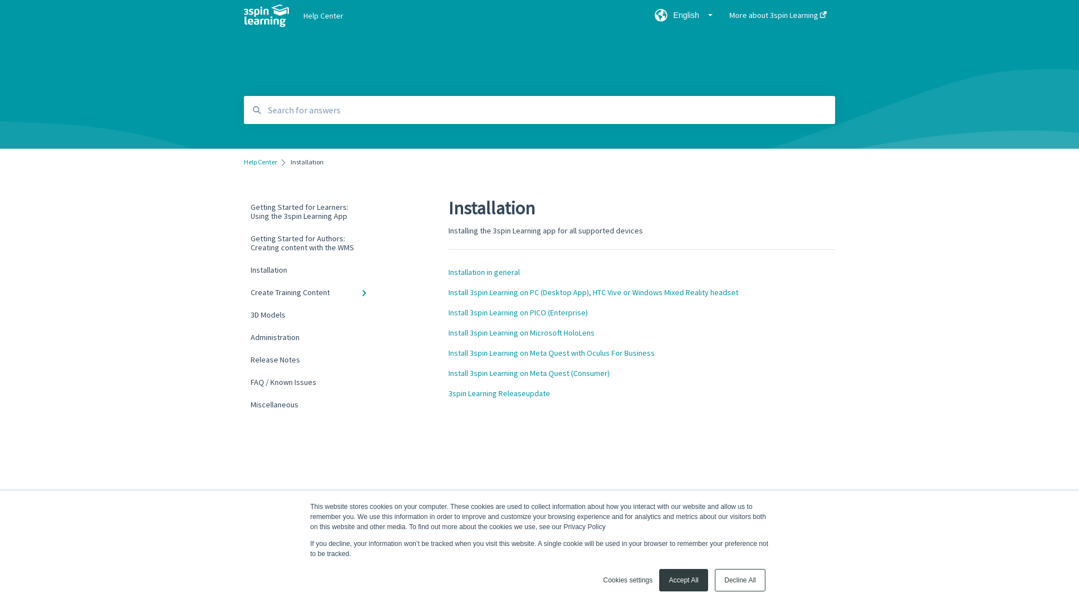 This screenshot has width=1079, height=606. Describe the element at coordinates (311, 314) in the screenshot. I see `'3D Models'` at that location.